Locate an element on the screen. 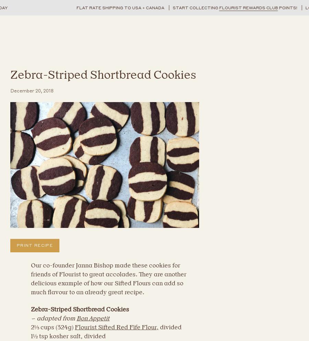 The width and height of the screenshot is (309, 341). 'Cyndy Zustovich' is located at coordinates (34, 162).